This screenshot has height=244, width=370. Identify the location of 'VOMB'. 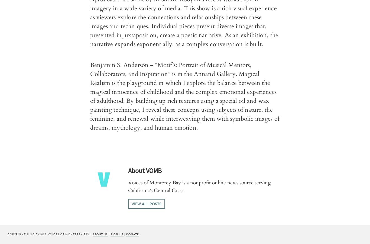
(144, 171).